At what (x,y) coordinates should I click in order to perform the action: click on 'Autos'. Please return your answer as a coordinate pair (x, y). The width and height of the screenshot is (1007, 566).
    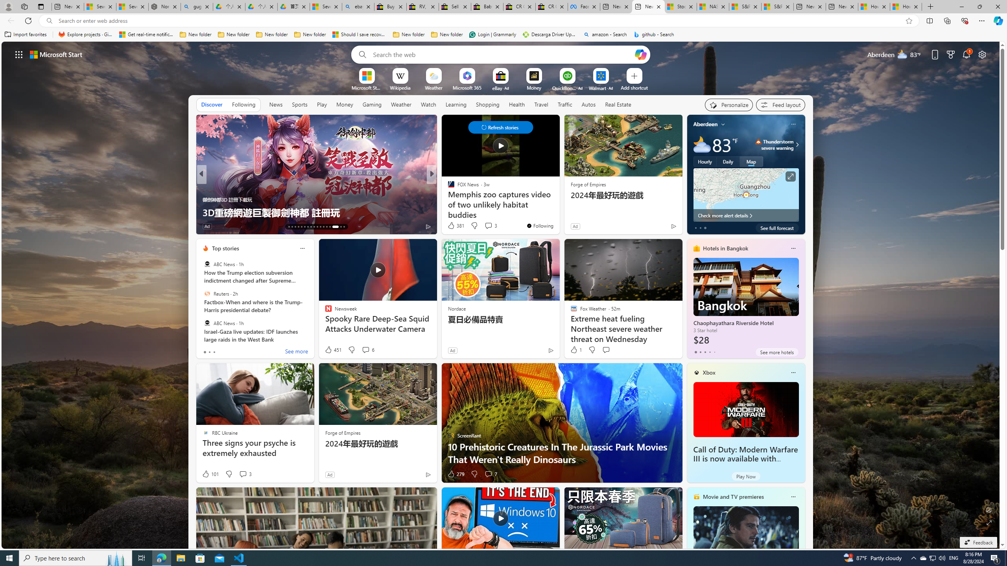
    Looking at the image, I should click on (588, 104).